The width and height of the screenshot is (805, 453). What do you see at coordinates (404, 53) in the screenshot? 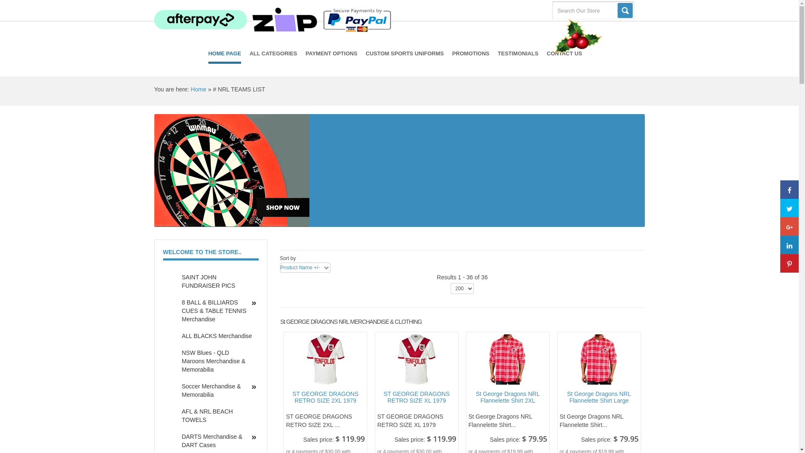
I see `'CUSTOM SPORTS UNIFORMS'` at bounding box center [404, 53].